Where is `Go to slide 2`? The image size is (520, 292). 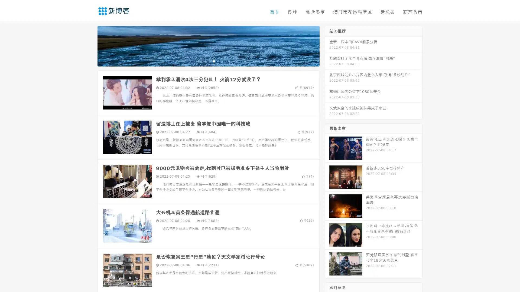
Go to slide 2 is located at coordinates (208, 61).